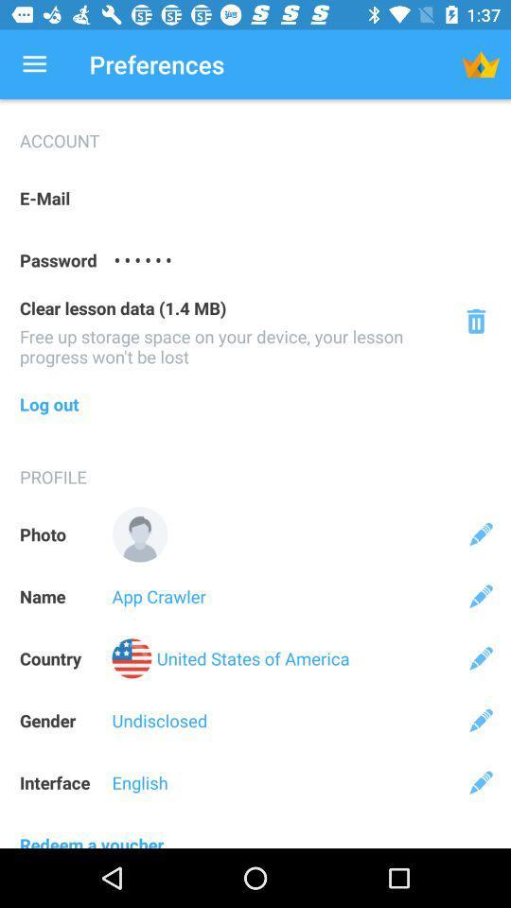  What do you see at coordinates (481, 658) in the screenshot?
I see `edit button which is next to united states of america` at bounding box center [481, 658].